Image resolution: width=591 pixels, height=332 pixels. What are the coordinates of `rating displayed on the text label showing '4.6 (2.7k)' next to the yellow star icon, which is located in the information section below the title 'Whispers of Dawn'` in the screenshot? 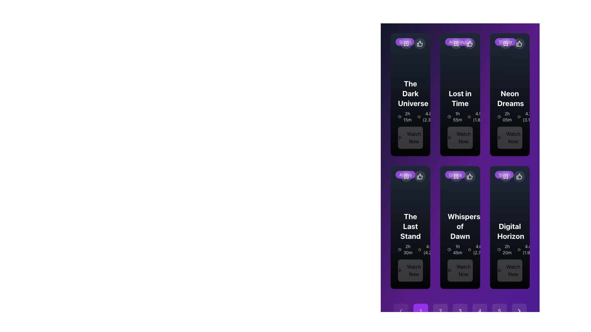 It's located at (476, 250).